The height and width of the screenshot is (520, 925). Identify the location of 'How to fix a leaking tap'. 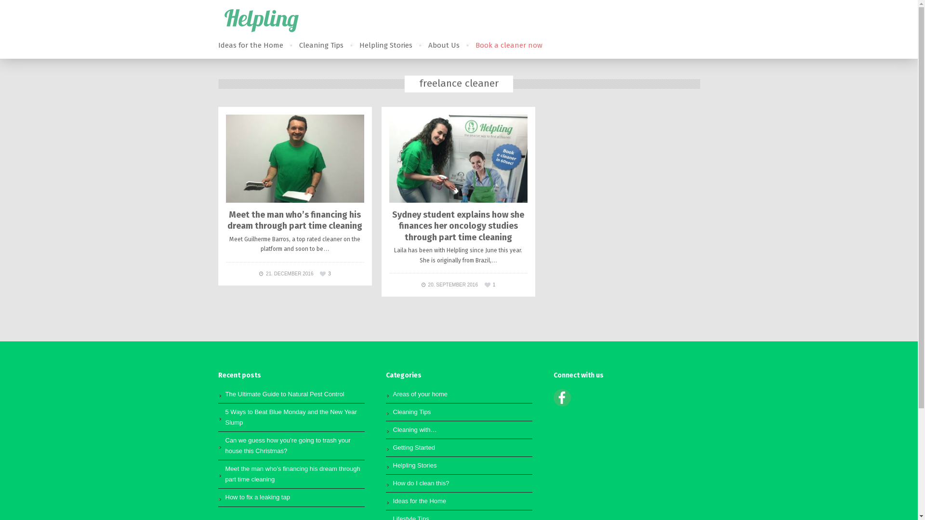
(257, 497).